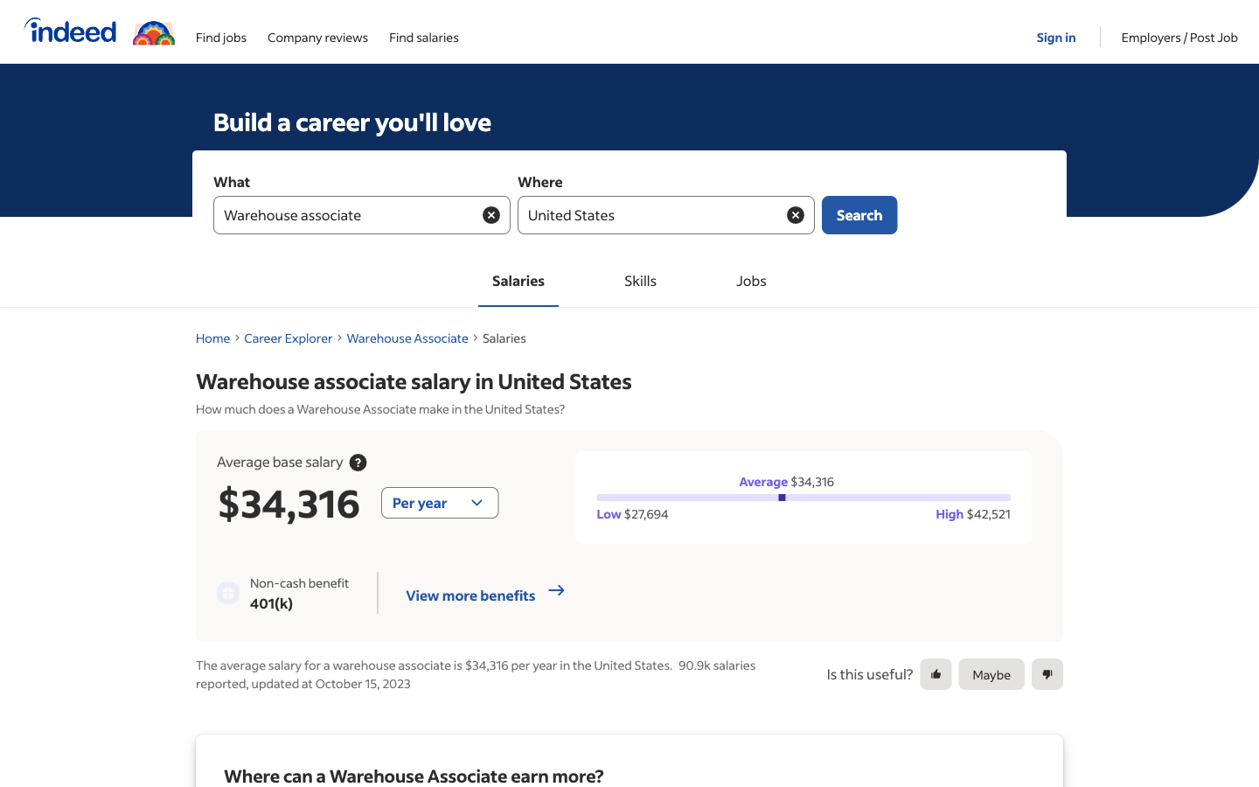 Image resolution: width=1259 pixels, height=787 pixels. Describe the element at coordinates (438, 503) in the screenshot. I see `Change the option of salary view` at that location.